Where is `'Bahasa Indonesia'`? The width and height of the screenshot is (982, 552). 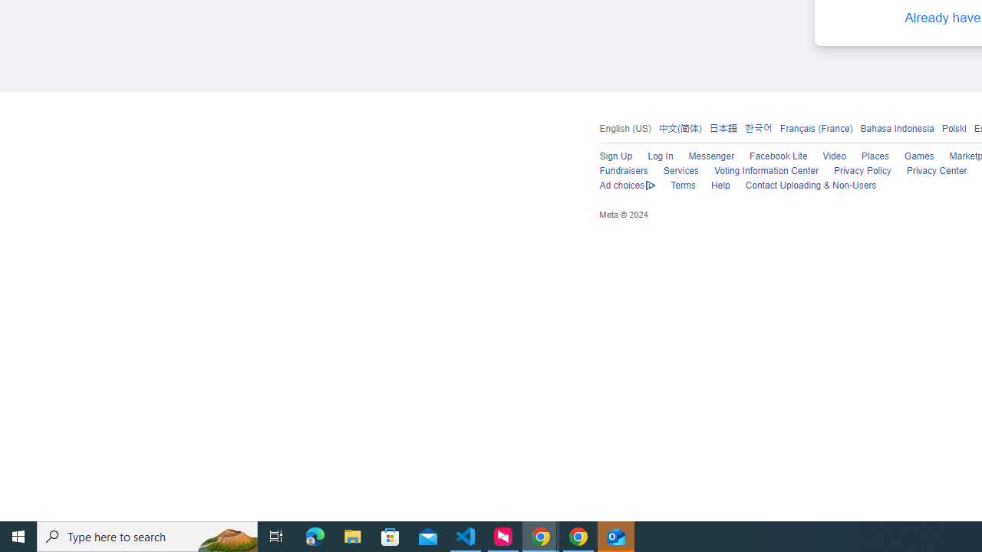 'Bahasa Indonesia' is located at coordinates (897, 127).